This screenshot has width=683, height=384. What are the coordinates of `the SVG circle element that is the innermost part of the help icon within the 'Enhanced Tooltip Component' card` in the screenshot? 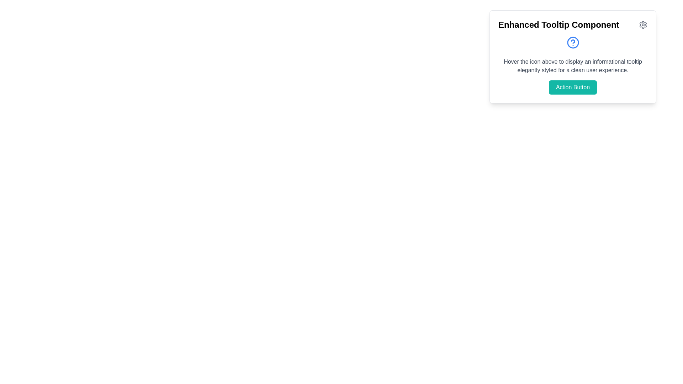 It's located at (573, 42).